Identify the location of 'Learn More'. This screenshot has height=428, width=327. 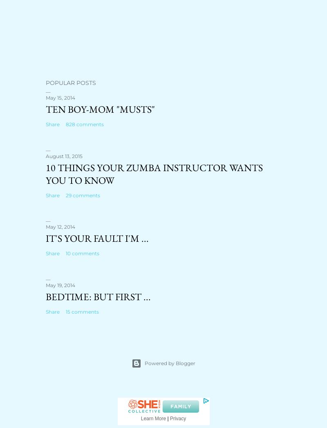
(141, 418).